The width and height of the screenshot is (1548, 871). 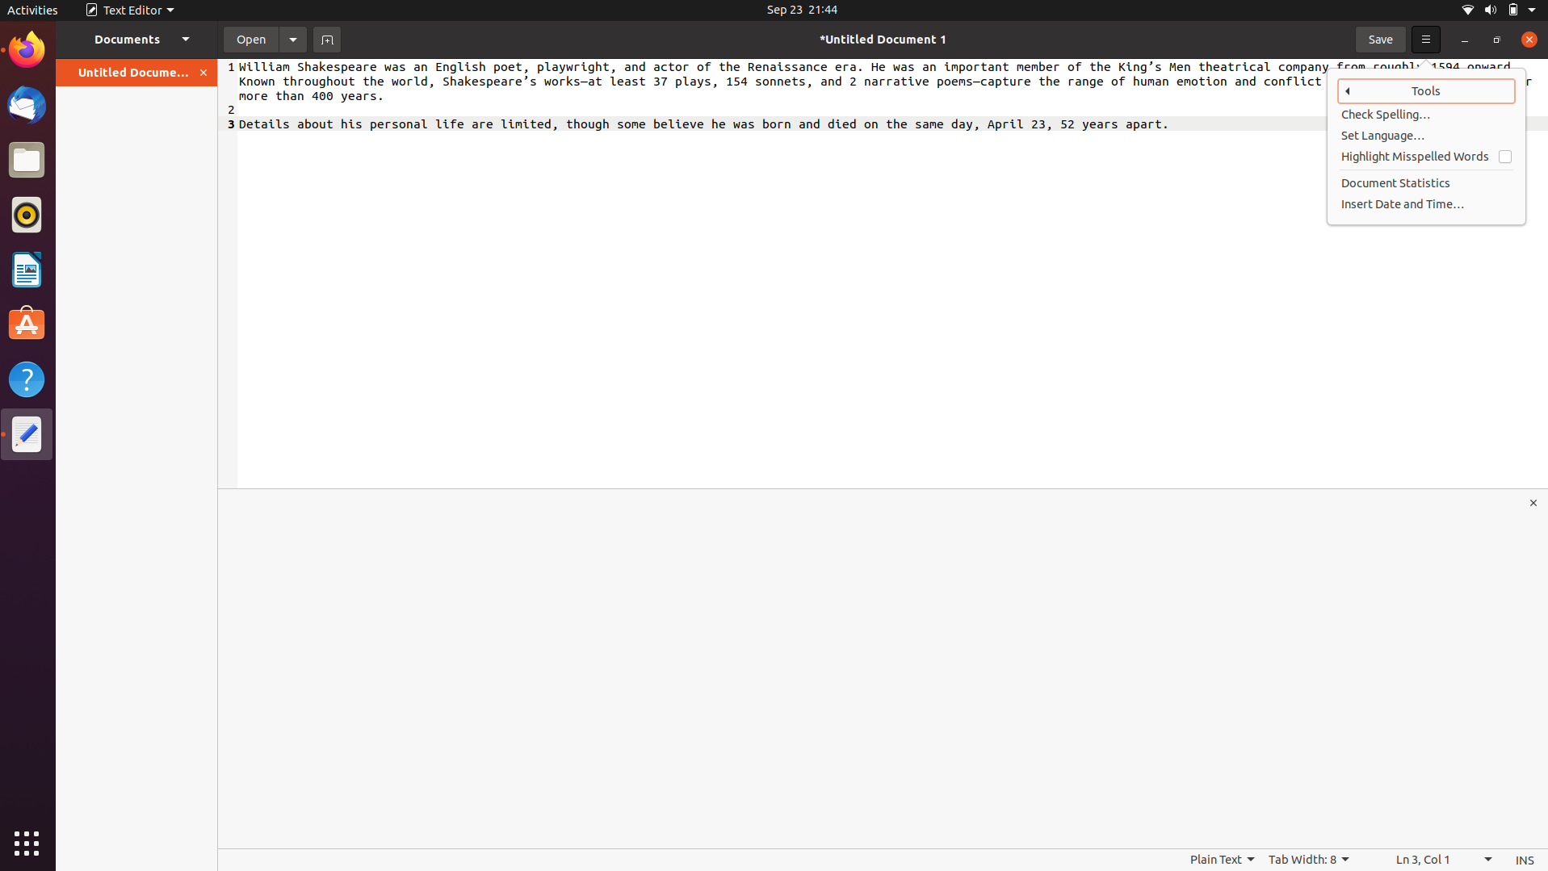 What do you see at coordinates (1534, 502) in the screenshot?
I see `Enlarge the editor view` at bounding box center [1534, 502].